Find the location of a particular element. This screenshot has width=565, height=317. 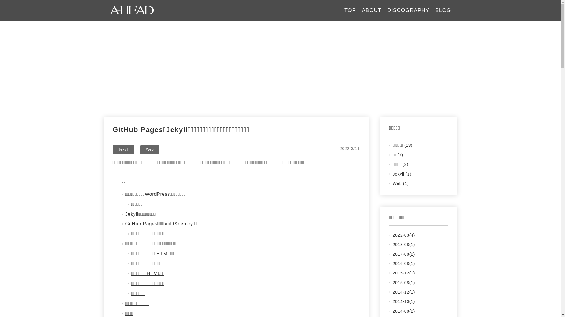

'Web' is located at coordinates (139, 149).